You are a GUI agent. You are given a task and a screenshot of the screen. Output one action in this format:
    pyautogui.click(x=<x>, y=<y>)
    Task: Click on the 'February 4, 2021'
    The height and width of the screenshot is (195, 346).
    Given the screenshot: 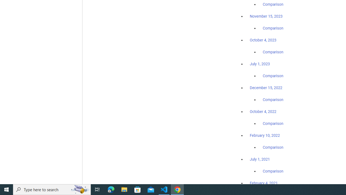 What is the action you would take?
    pyautogui.click(x=264, y=183)
    